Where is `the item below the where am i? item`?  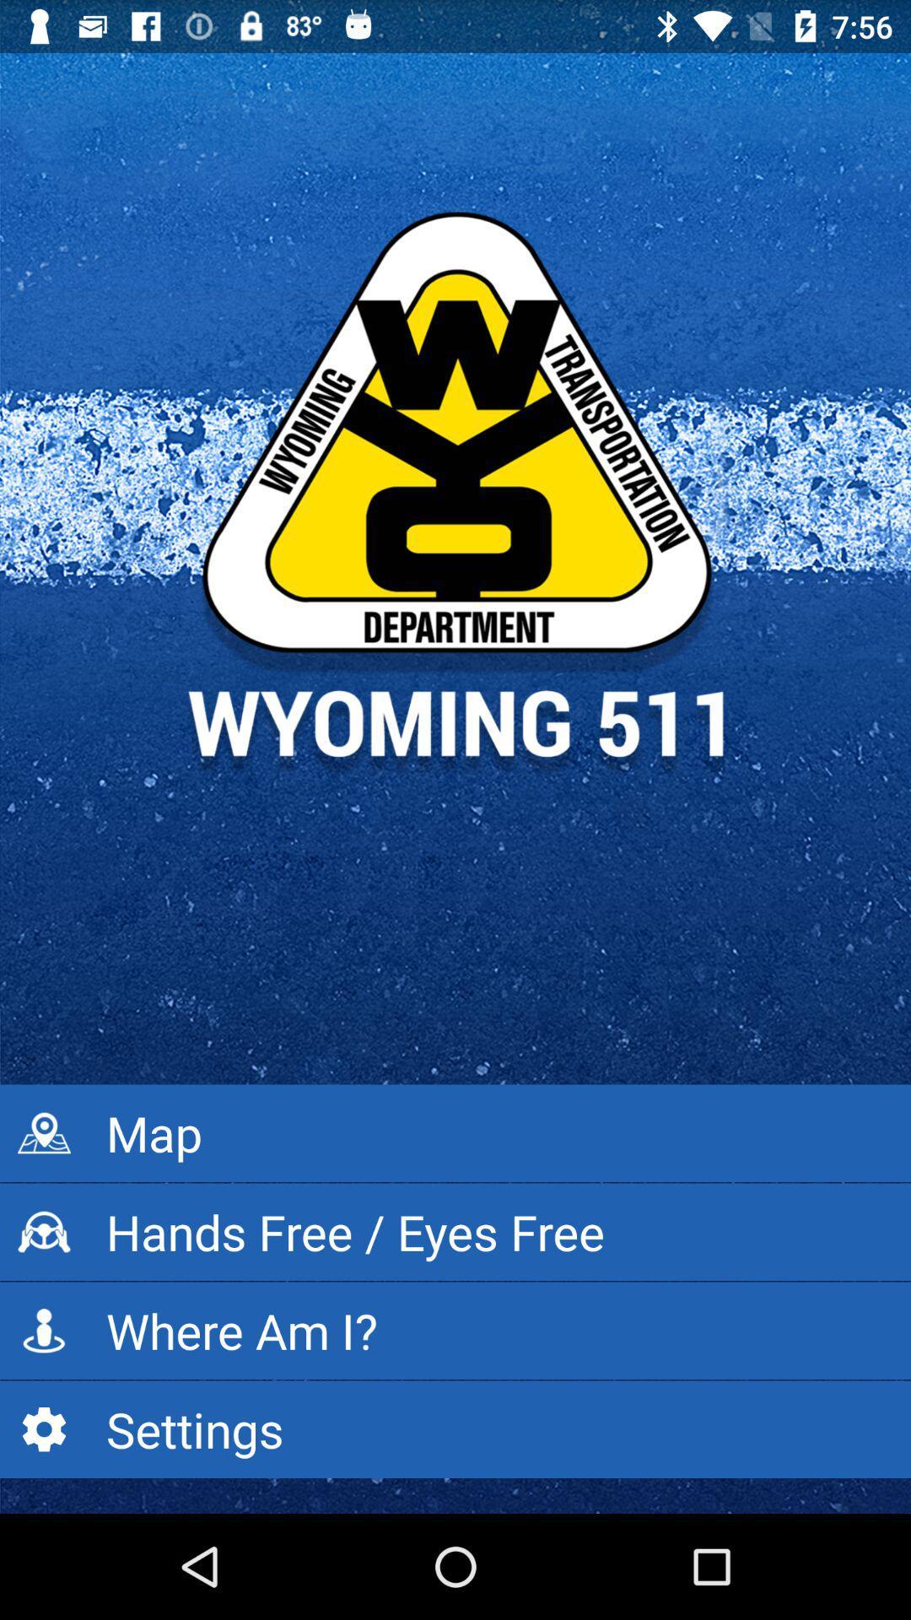
the item below the where am i? item is located at coordinates (455, 1428).